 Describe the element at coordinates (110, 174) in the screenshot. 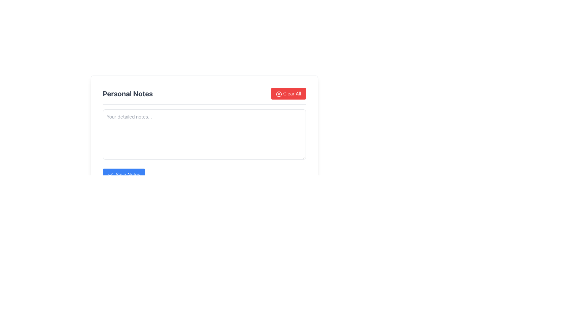

I see `the small blue checkmark icon located to the left of the 'Save Notes' text inside the blue rectangular button` at that location.